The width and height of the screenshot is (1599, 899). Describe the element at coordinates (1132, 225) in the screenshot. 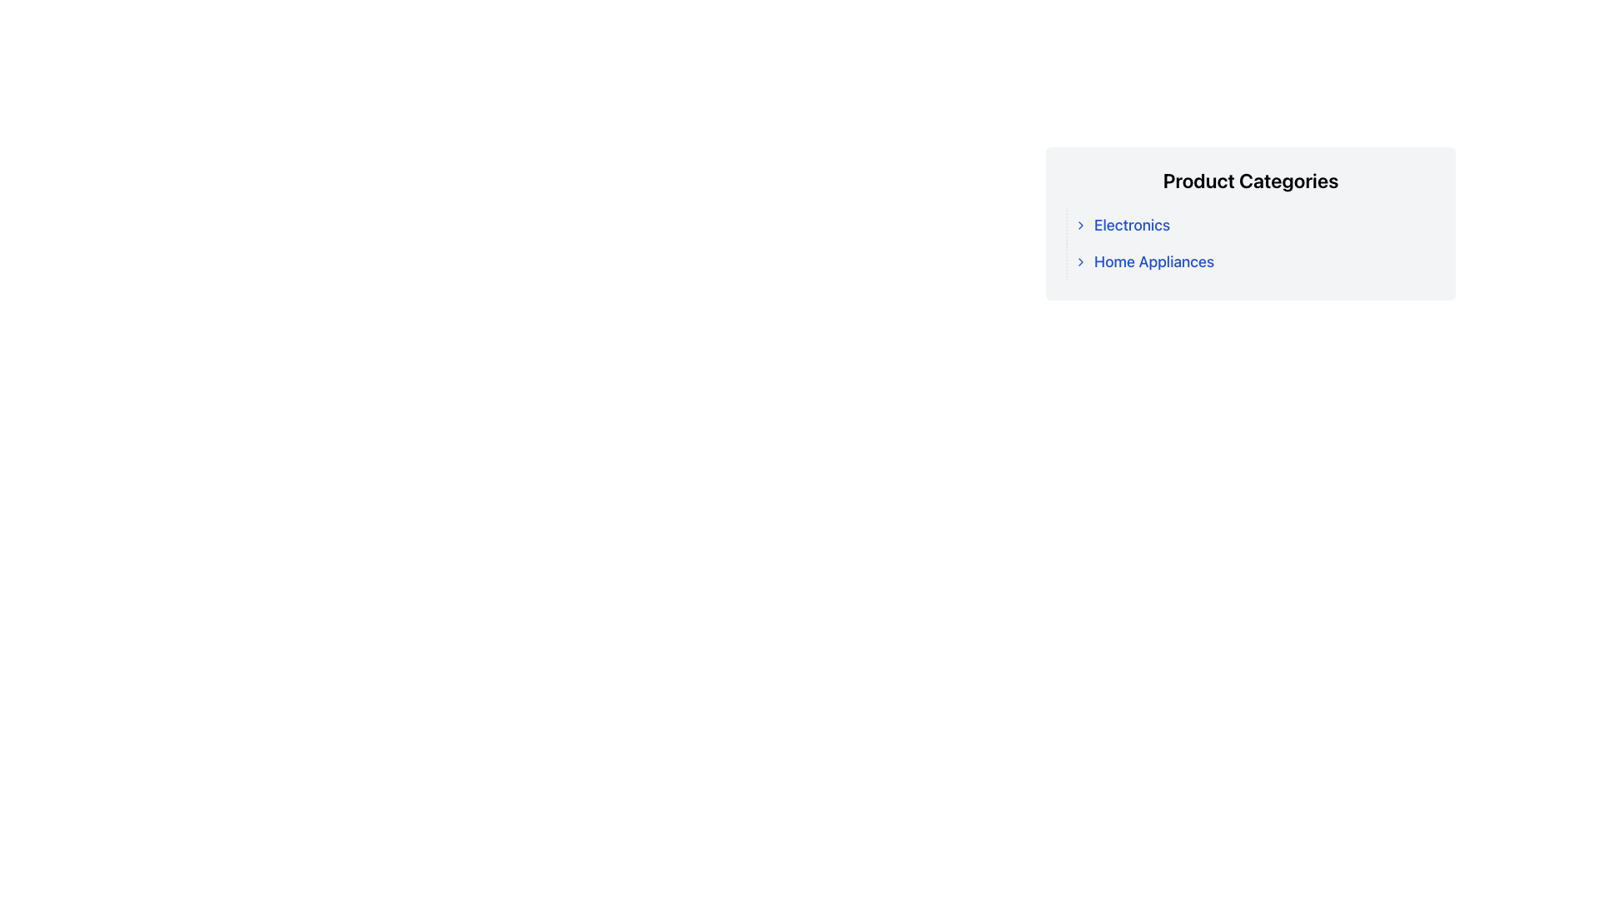

I see `the text element displaying the word 'Electronics', which is styled in bold blue font and is the first text entry in the category section` at that location.